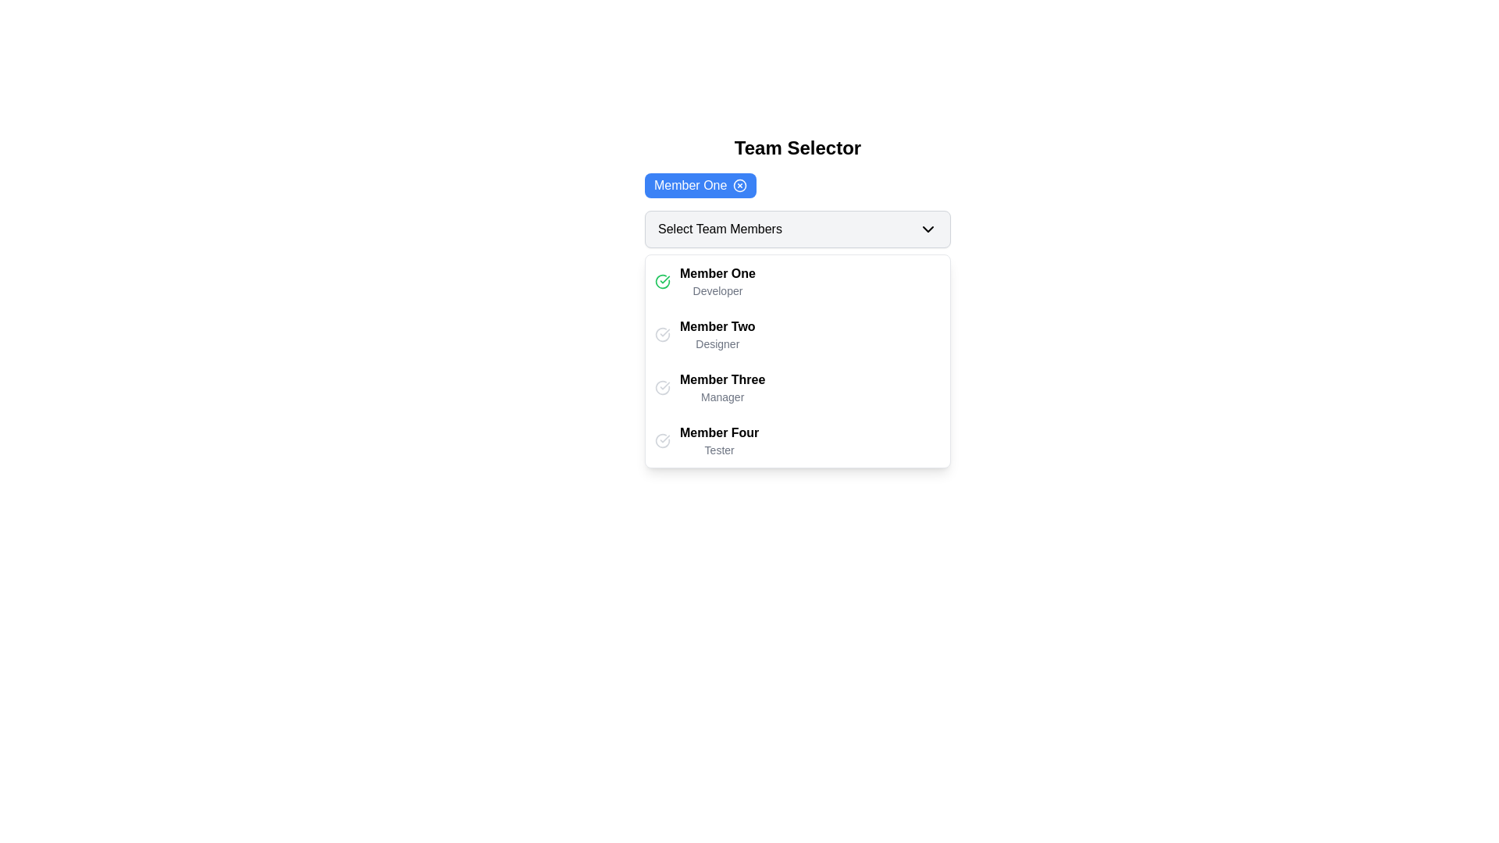  Describe the element at coordinates (663, 440) in the screenshot. I see `the circular icon with a checkmark inside, which is light gray and located to the left of 'Member Four' and above 'Tester' in the dropdown list under 'Select Team Members'` at that location.